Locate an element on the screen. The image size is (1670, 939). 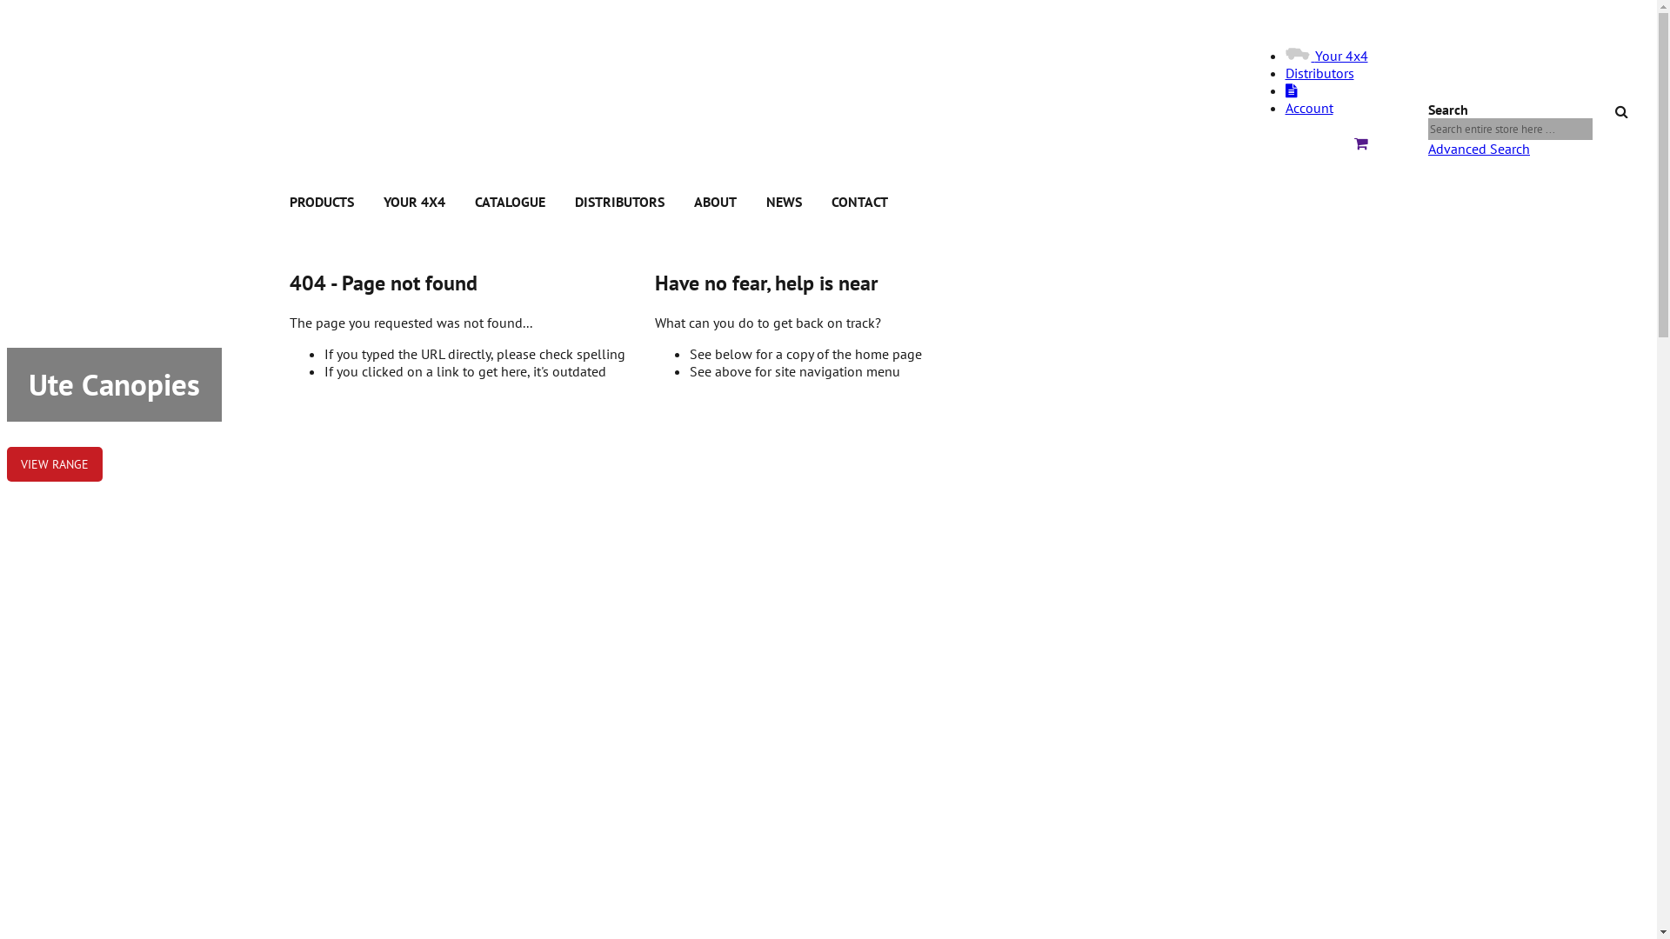
'Quote Cart' is located at coordinates (1359, 143).